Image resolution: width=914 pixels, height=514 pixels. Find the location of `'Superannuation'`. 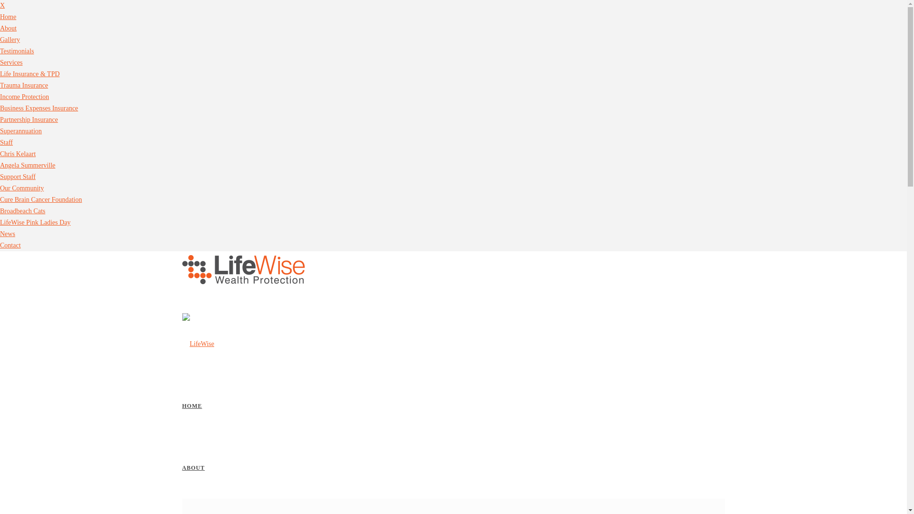

'Superannuation' is located at coordinates (20, 131).